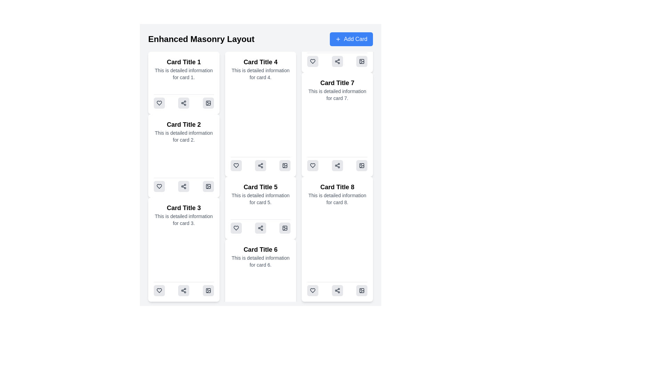 Image resolution: width=668 pixels, height=375 pixels. What do you see at coordinates (159, 291) in the screenshot?
I see `the square button with a light gray background and a black-lined heart shape in the center, located under 'Card Title 3'` at bounding box center [159, 291].